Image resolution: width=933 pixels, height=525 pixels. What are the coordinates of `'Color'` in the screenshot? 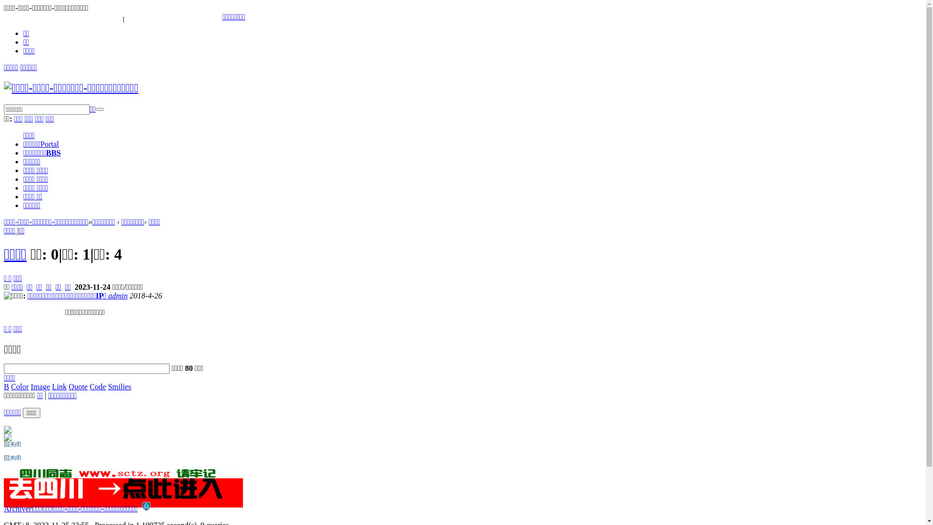 It's located at (20, 385).